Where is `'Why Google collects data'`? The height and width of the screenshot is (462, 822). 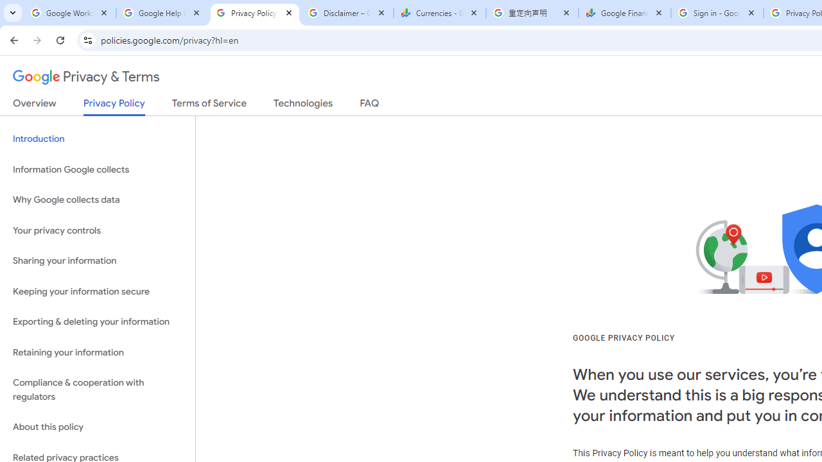 'Why Google collects data' is located at coordinates (97, 200).